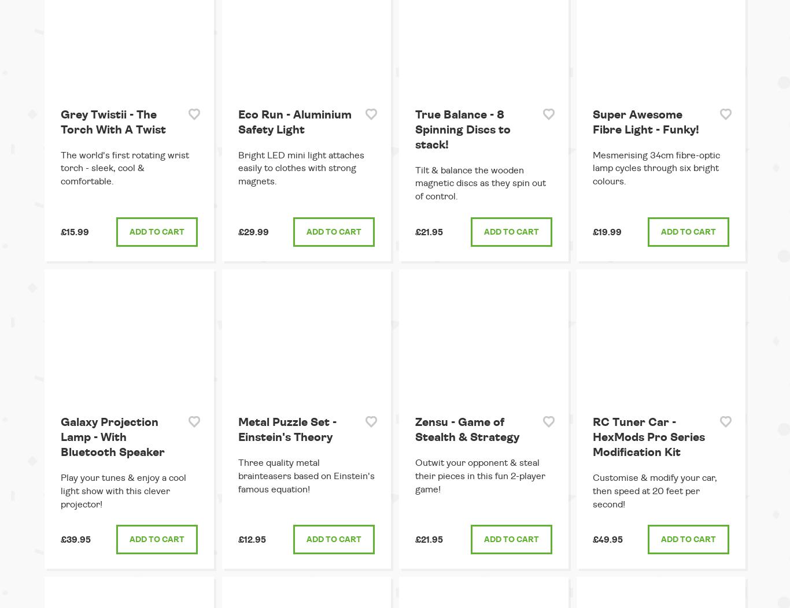 The height and width of the screenshot is (608, 790). I want to click on 'Bright LED mini light attaches easily to clothes with strong magnets.', so click(301, 168).